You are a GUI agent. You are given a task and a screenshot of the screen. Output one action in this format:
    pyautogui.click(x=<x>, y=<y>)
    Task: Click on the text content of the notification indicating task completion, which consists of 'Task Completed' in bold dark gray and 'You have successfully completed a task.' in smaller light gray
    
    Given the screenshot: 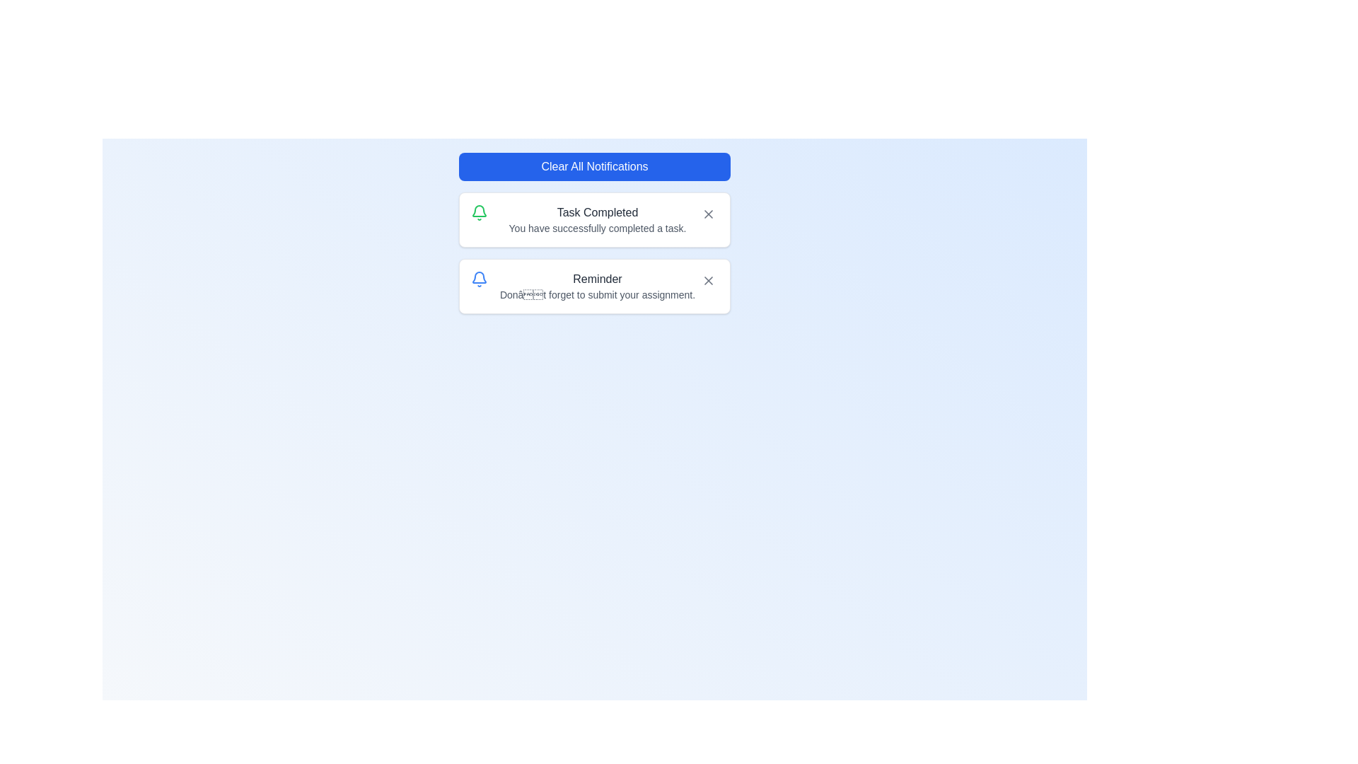 What is the action you would take?
    pyautogui.click(x=597, y=220)
    